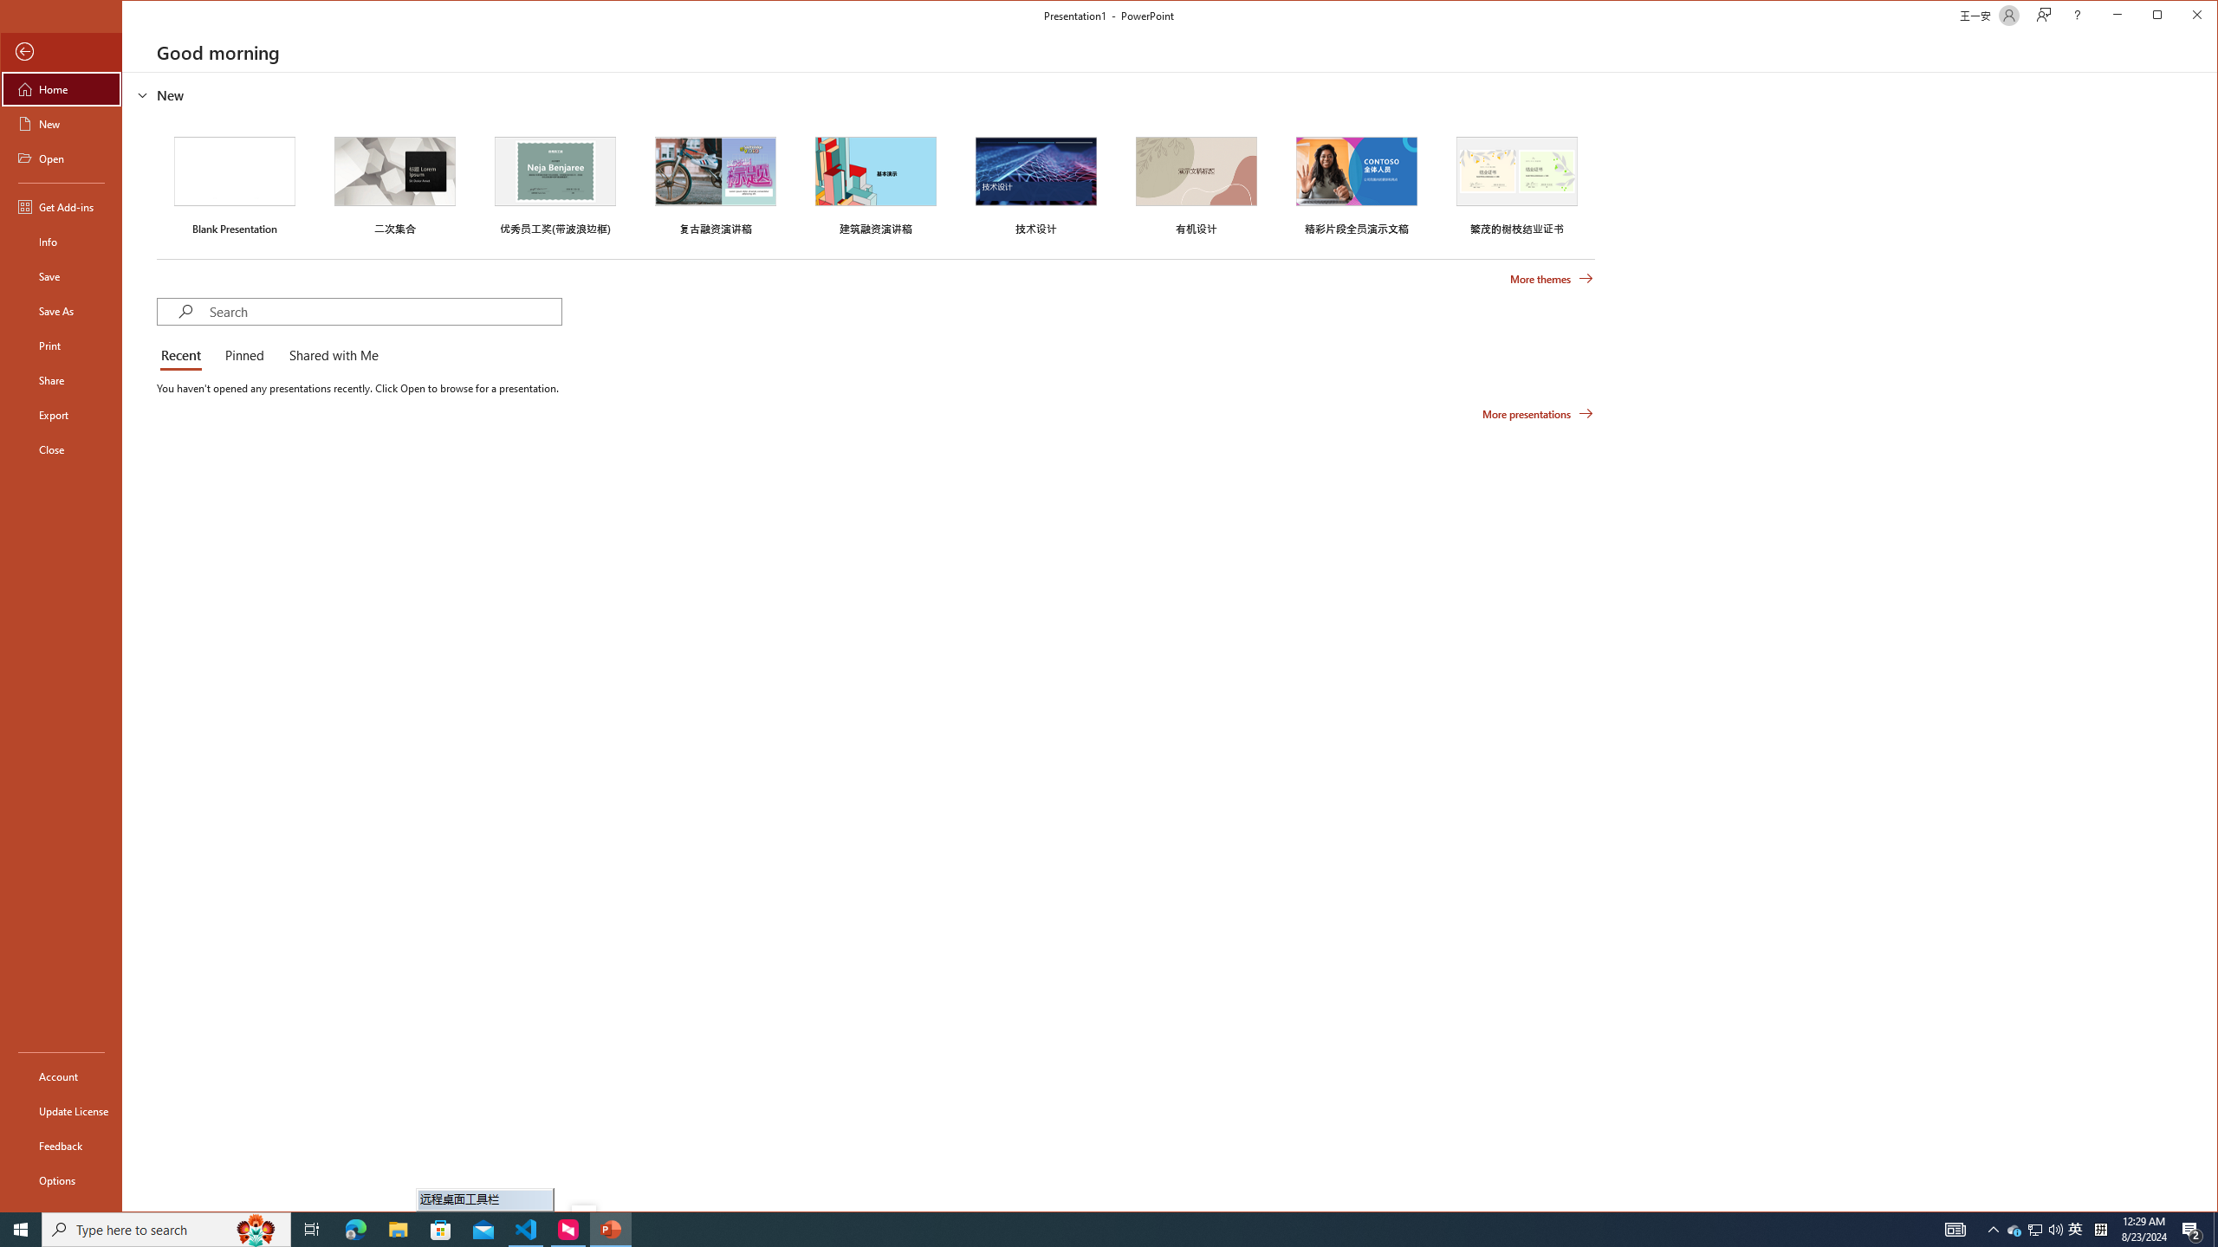  Describe the element at coordinates (184, 355) in the screenshot. I see `'Recent'` at that location.